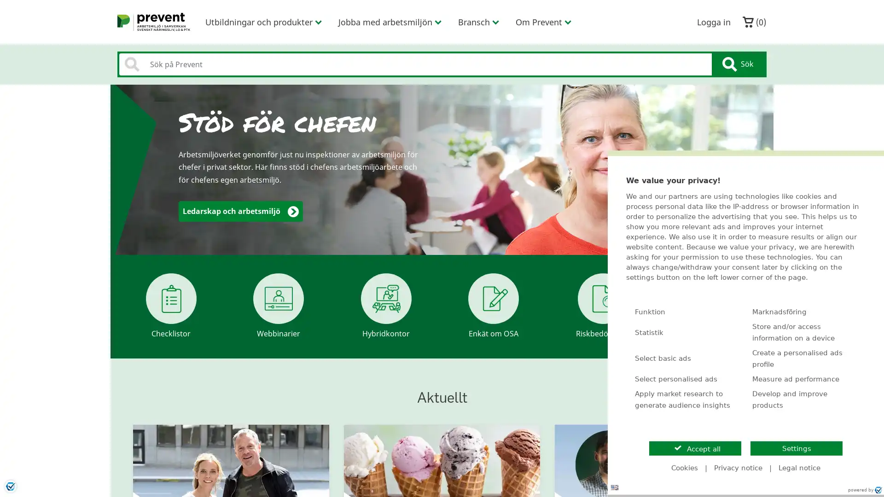  What do you see at coordinates (738, 64) in the screenshot?
I see `Sok` at bounding box center [738, 64].